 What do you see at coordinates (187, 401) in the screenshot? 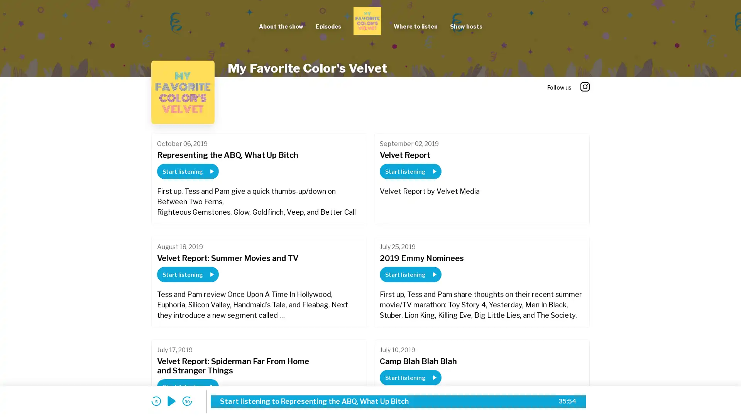
I see `skip forward 30 seconds` at bounding box center [187, 401].